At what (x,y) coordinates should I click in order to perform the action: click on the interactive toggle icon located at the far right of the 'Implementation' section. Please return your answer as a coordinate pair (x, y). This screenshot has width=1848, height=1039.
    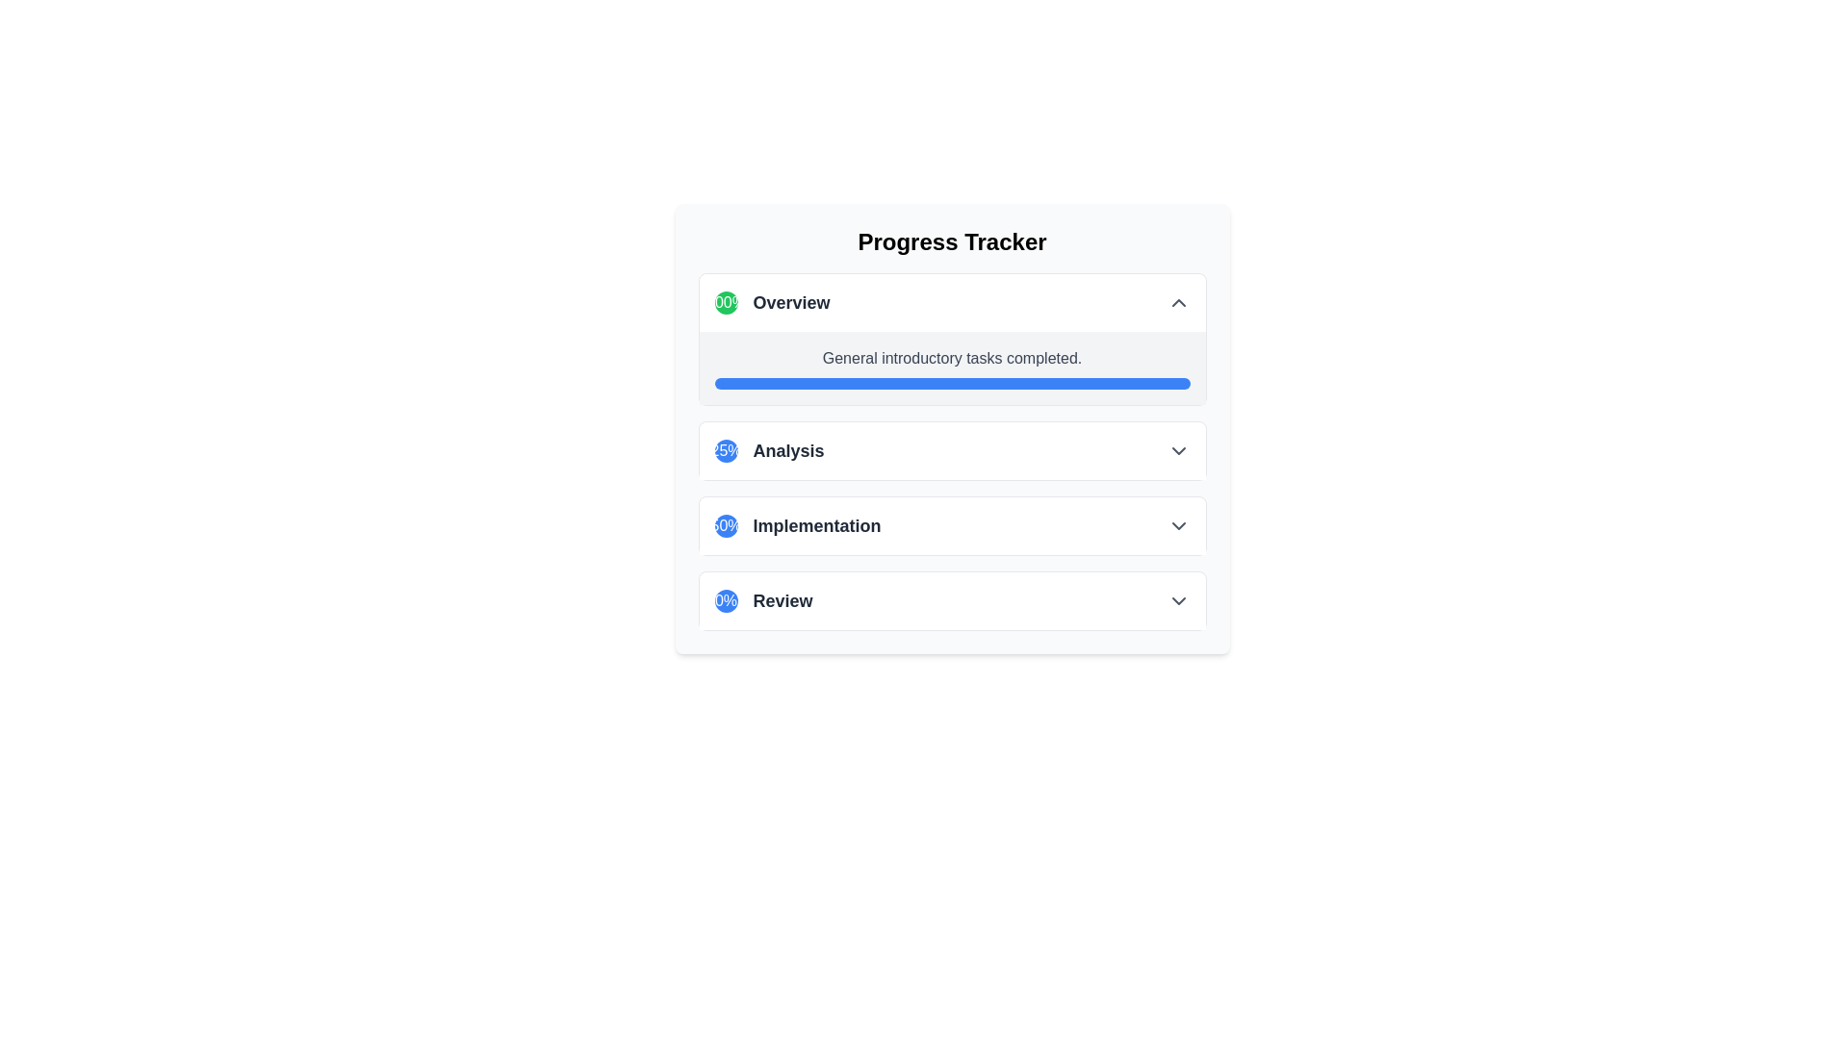
    Looking at the image, I should click on (1177, 526).